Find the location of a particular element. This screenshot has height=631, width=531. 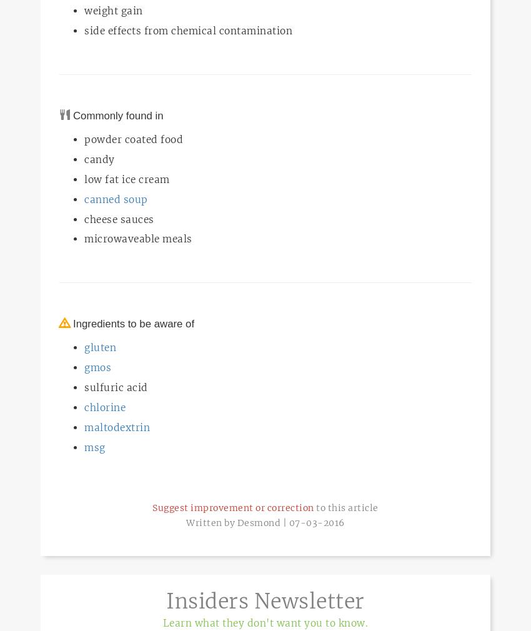

'canned soup' is located at coordinates (115, 199).